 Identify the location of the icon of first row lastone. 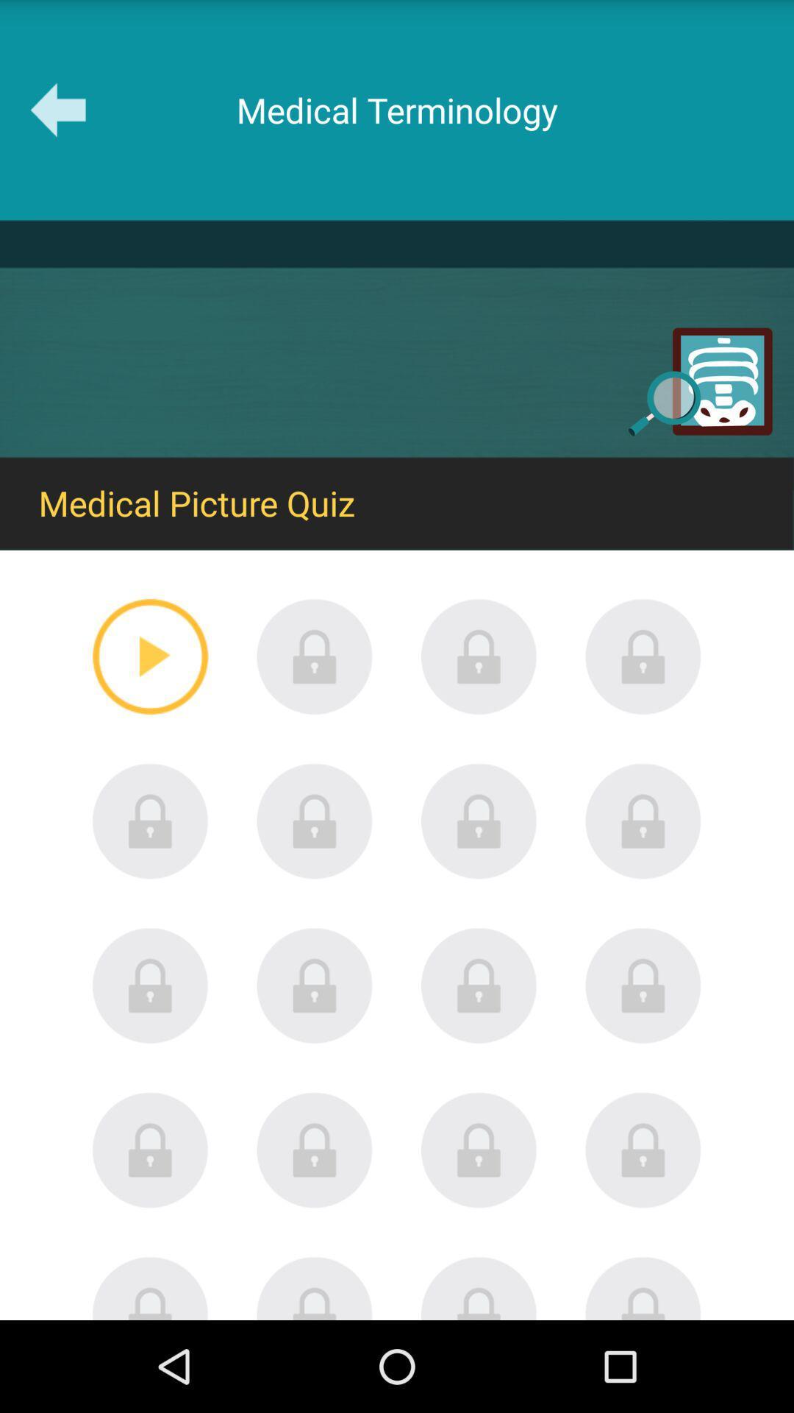
(643, 656).